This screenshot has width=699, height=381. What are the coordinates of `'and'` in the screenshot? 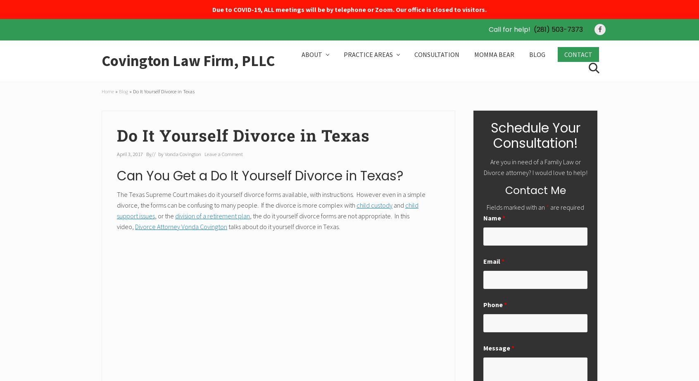 It's located at (392, 204).